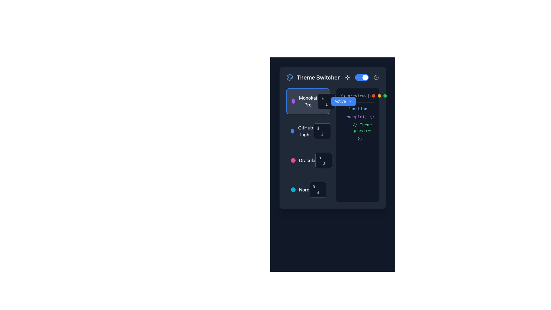  What do you see at coordinates (307, 101) in the screenshot?
I see `the first selectable list item labeled 'Monokai Pro' with an 'Active' status badge in the 'Theme Switcher' panel` at bounding box center [307, 101].